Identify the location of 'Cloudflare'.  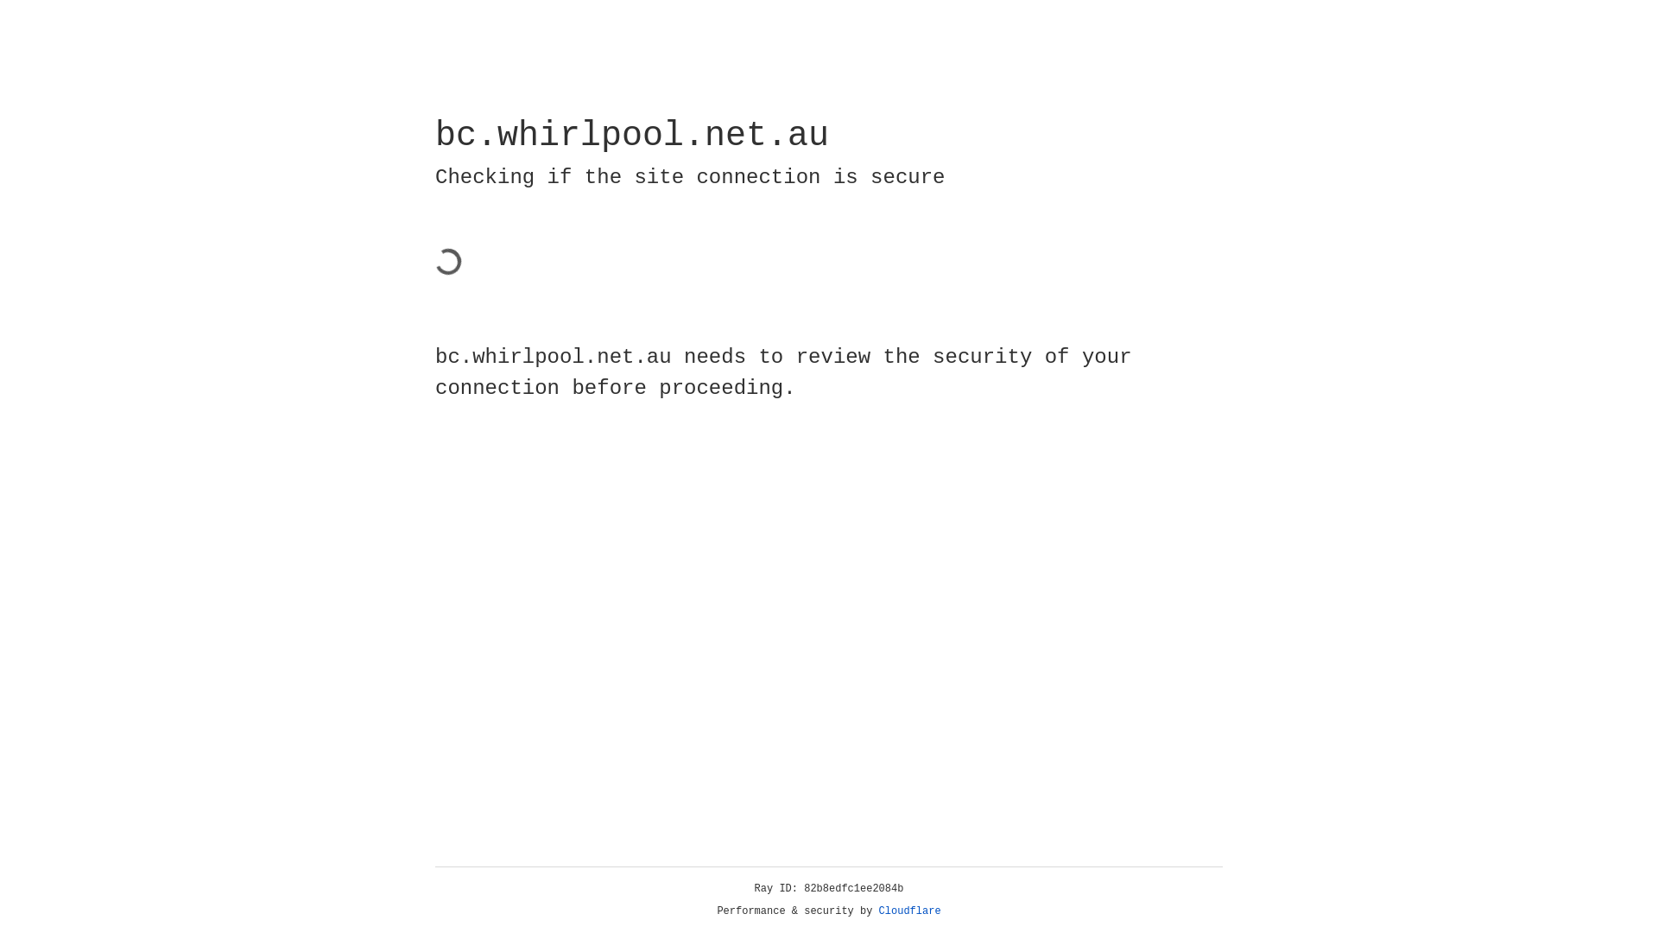
(878, 911).